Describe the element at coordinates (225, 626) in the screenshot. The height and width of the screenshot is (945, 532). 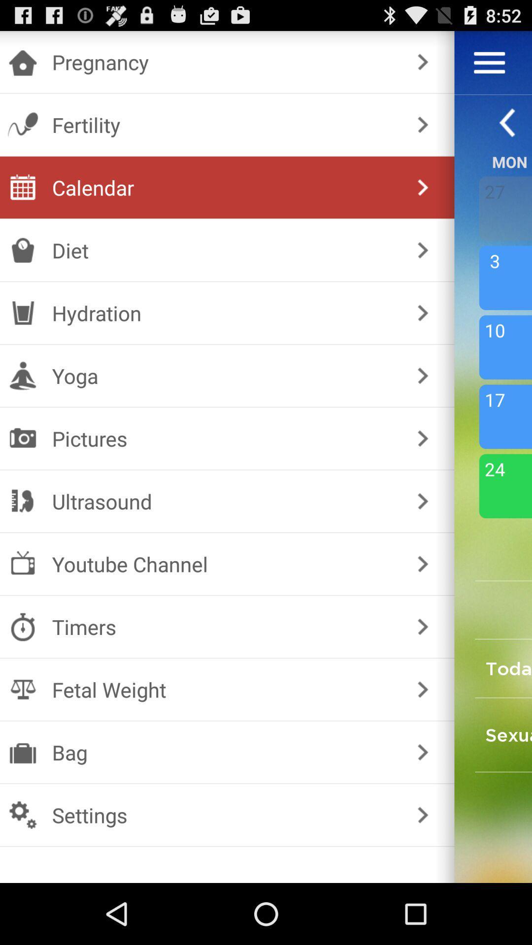
I see `the item above the fetal weight item` at that location.